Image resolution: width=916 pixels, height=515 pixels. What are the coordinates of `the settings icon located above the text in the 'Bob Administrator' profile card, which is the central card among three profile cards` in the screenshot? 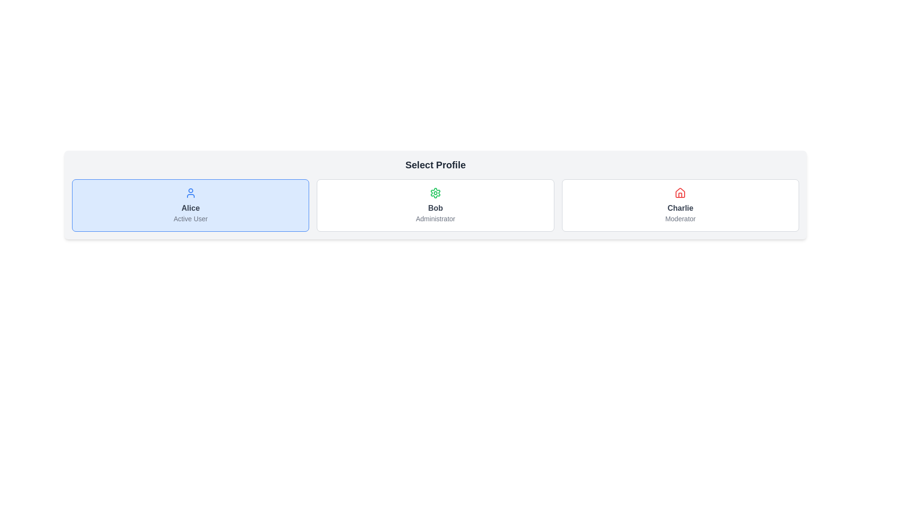 It's located at (435, 193).